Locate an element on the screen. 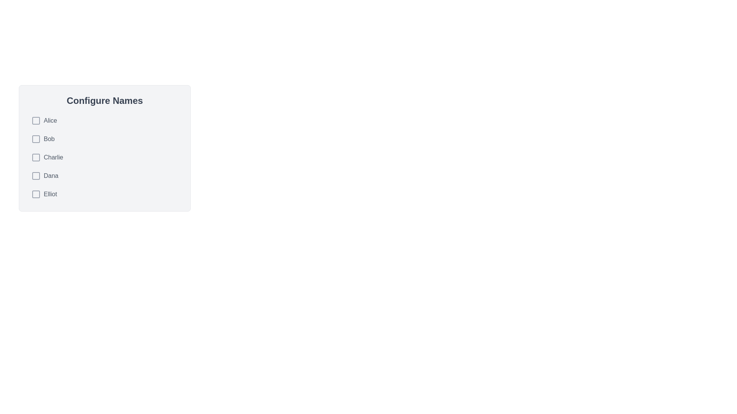 The width and height of the screenshot is (737, 414). the checkbox for the option 'Dana' located in the 'Configure Names' panel is located at coordinates (36, 176).